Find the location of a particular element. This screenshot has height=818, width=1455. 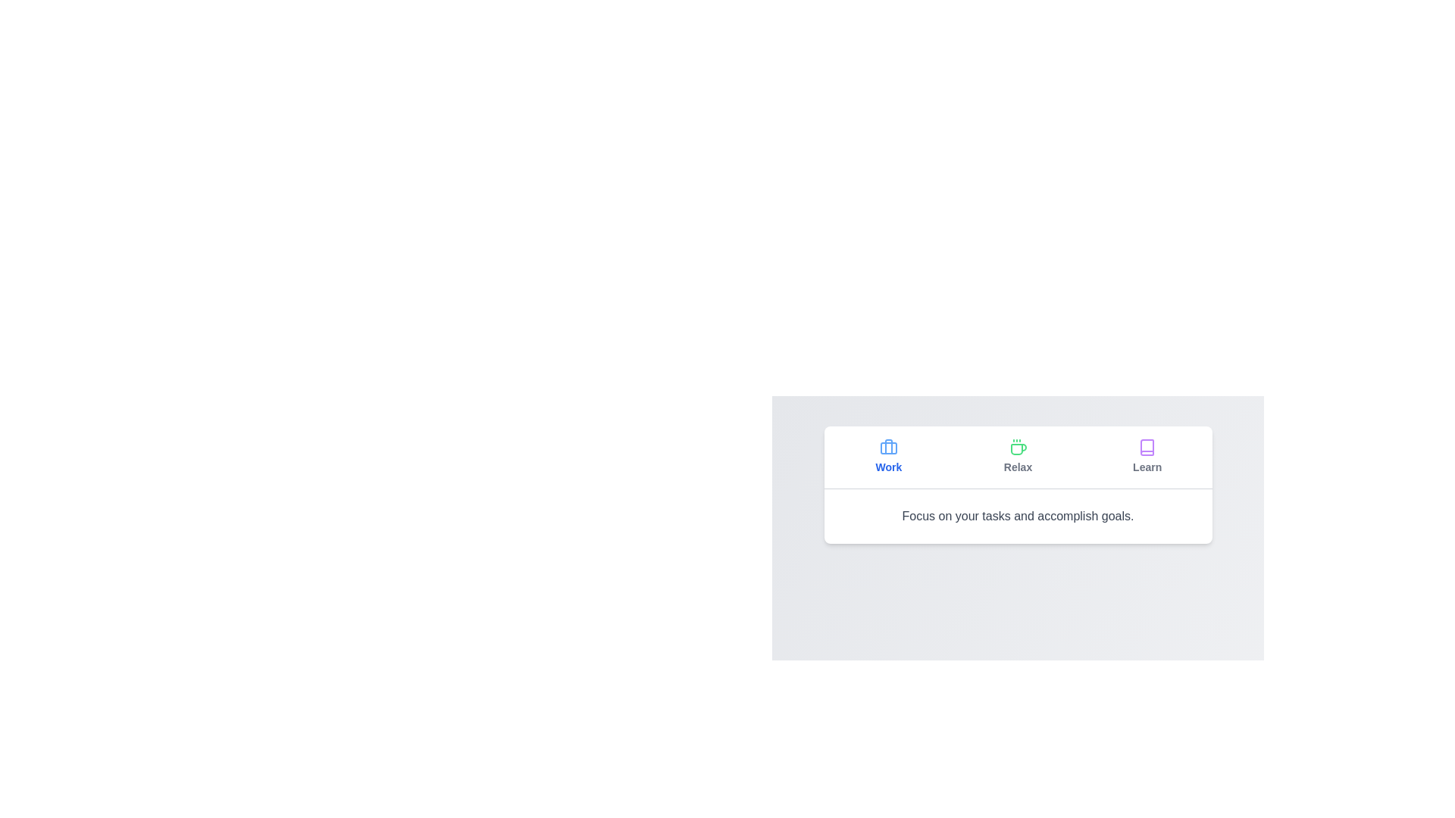

the Learn tab to switch to it is located at coordinates (1147, 457).